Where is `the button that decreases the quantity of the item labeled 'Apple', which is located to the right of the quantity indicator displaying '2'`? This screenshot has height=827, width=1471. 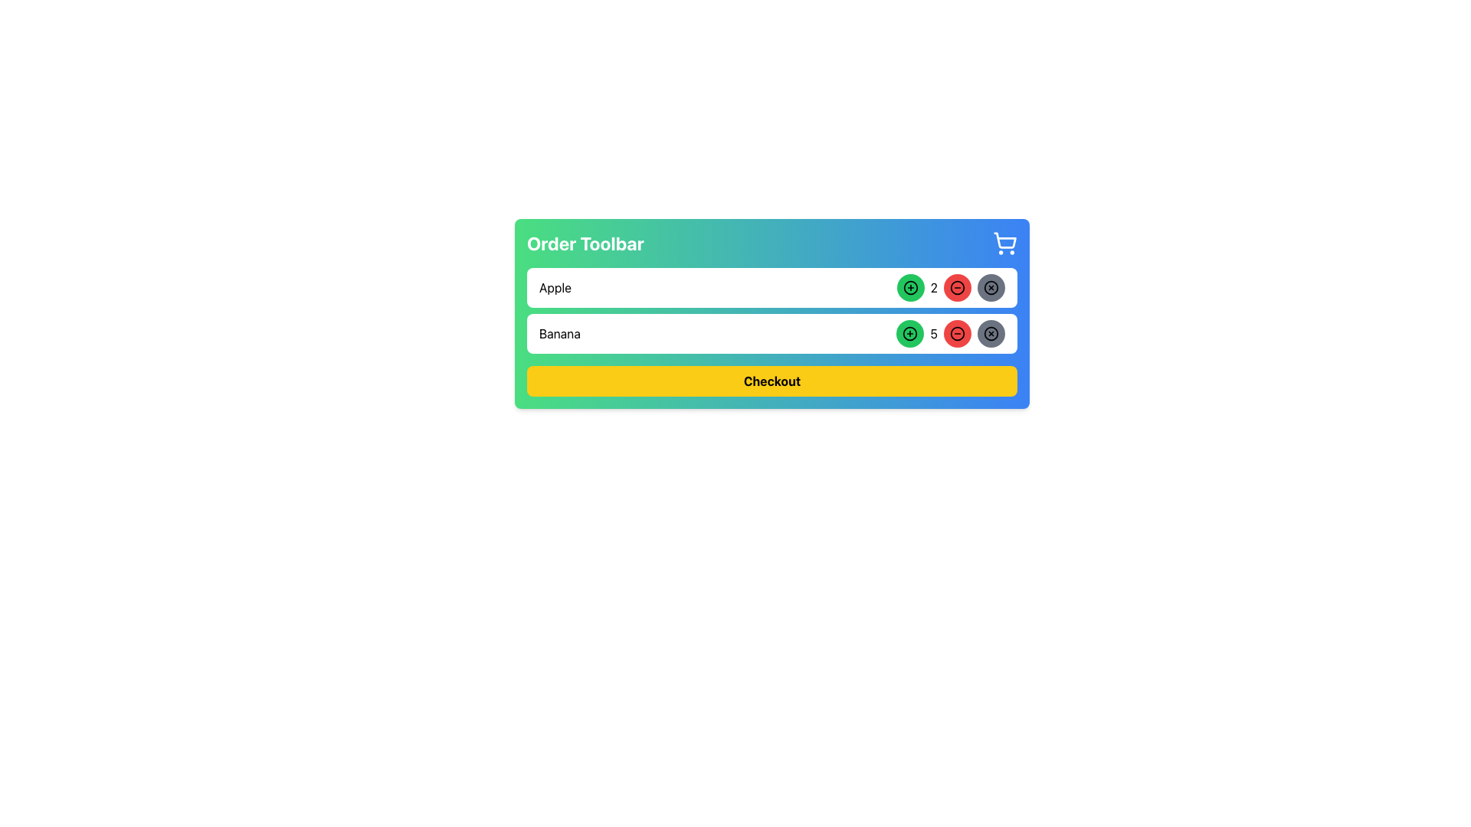
the button that decreases the quantity of the item labeled 'Apple', which is located to the right of the quantity indicator displaying '2' is located at coordinates (956, 287).